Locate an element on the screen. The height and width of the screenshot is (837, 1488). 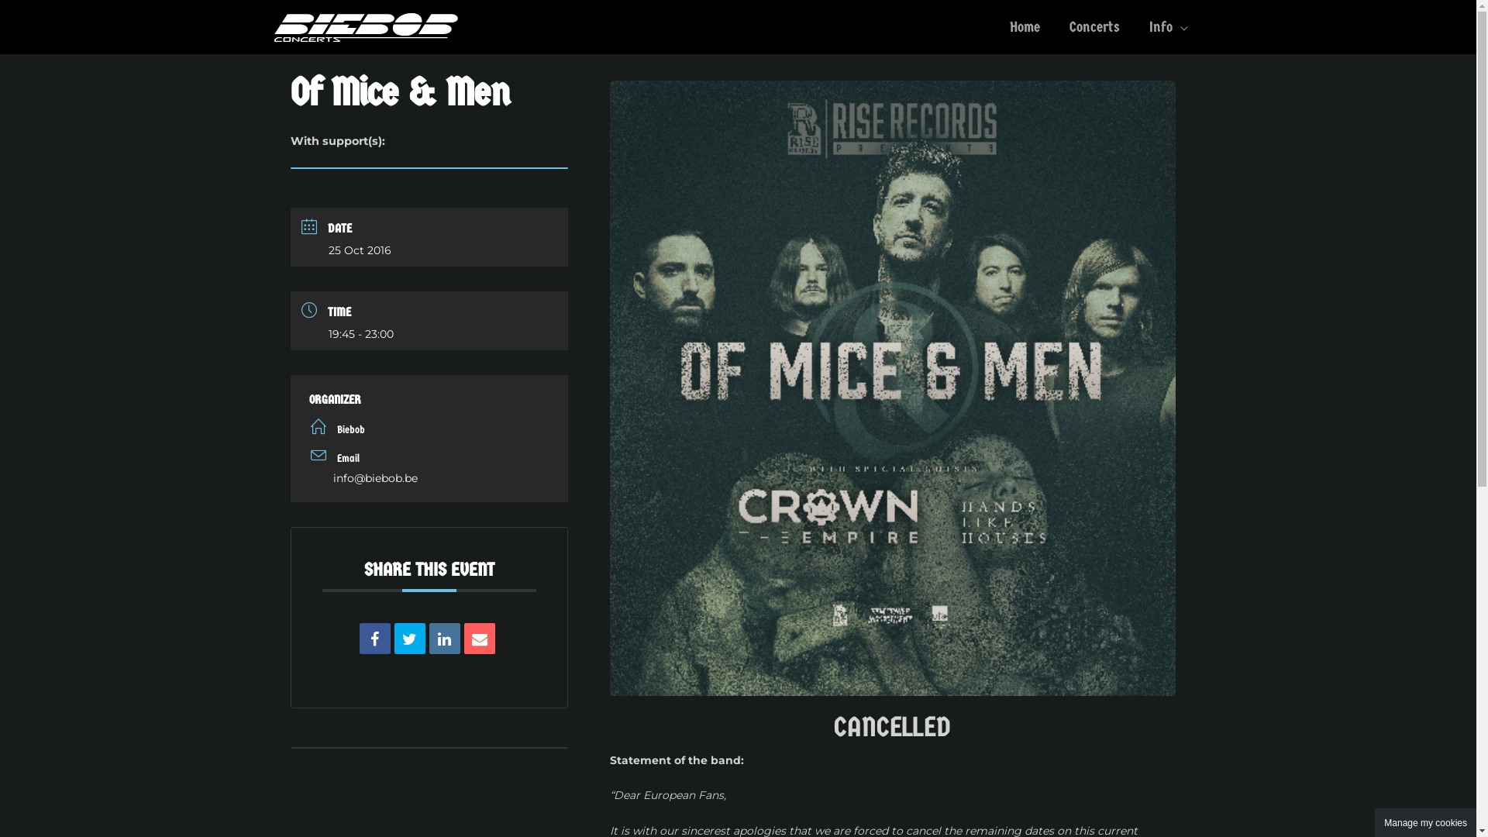
'Email' is located at coordinates (479, 639).